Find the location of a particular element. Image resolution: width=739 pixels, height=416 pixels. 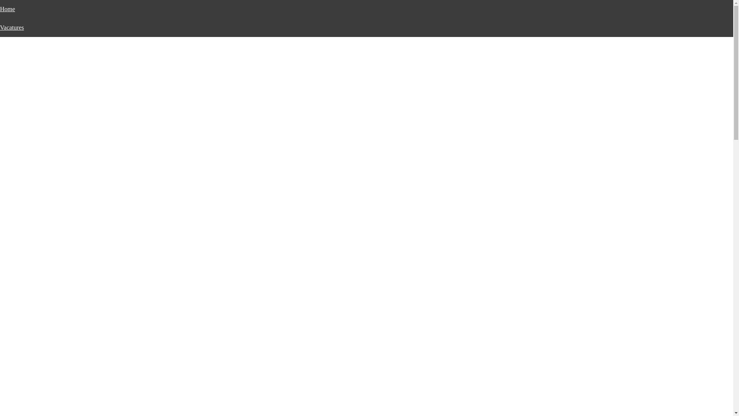

'Vacatures' is located at coordinates (0, 27).